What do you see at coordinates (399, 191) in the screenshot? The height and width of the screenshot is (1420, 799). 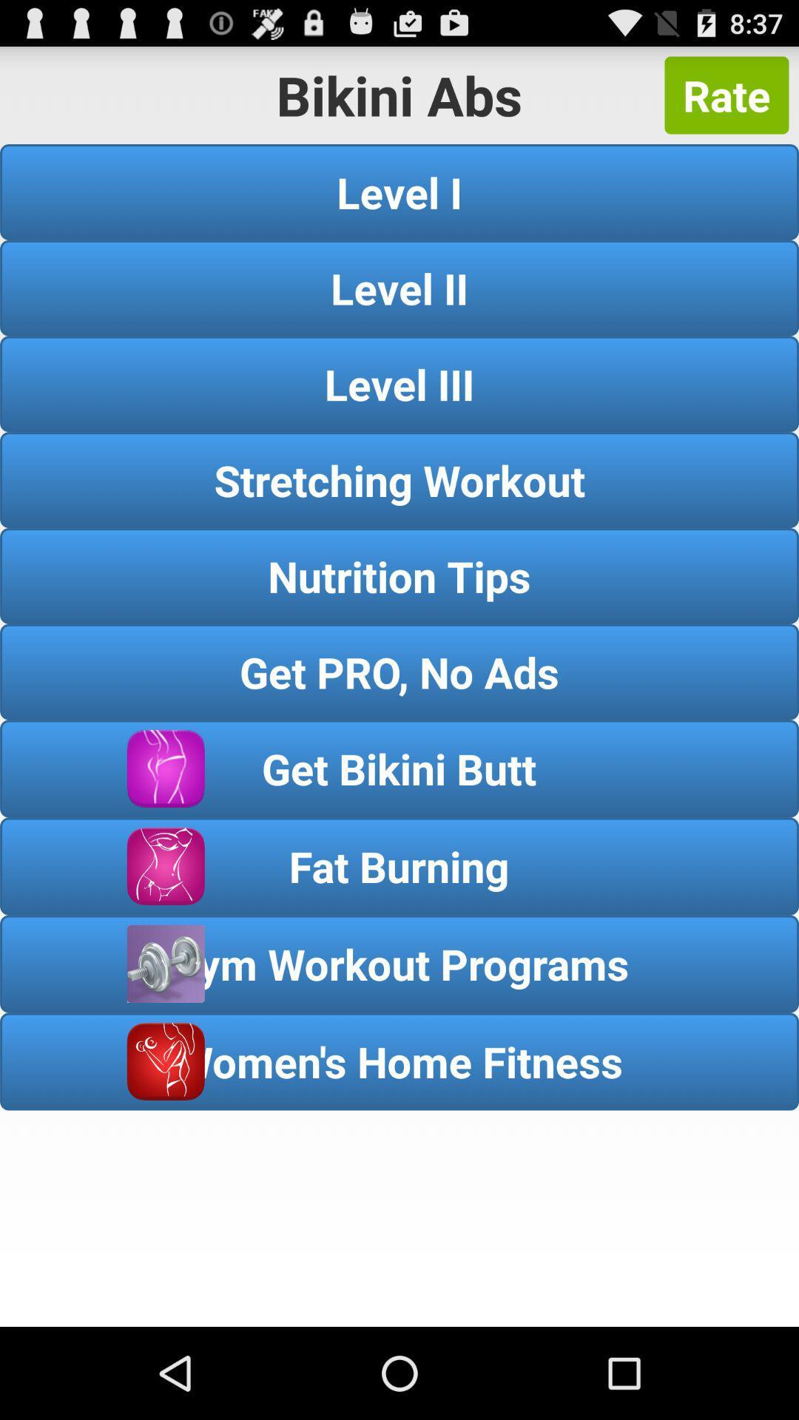 I see `icon below rate button` at bounding box center [399, 191].